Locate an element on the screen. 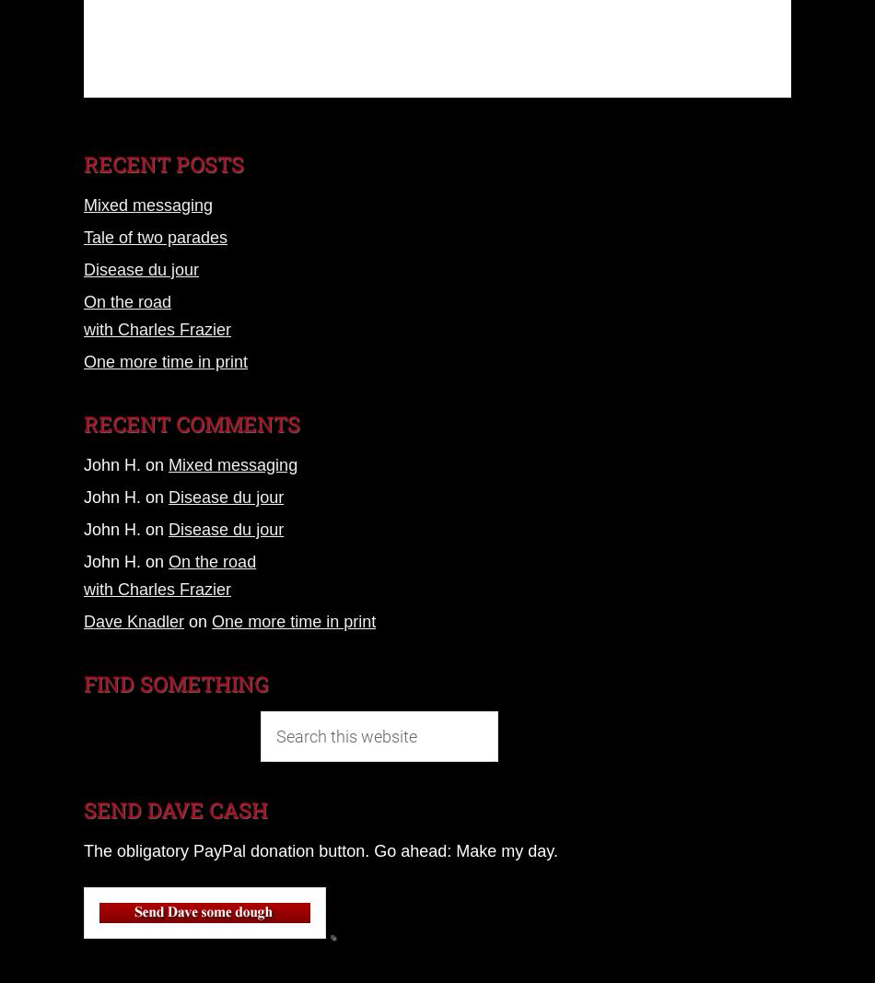 Image resolution: width=875 pixels, height=983 pixels. 'FInd something' is located at coordinates (176, 683).